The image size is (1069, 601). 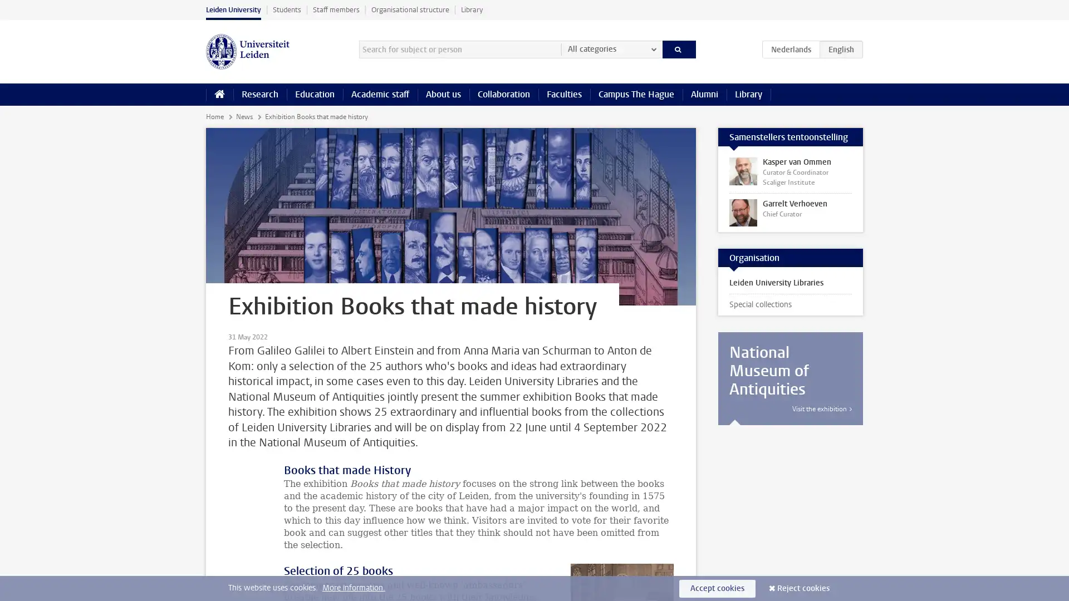 I want to click on Search, so click(x=678, y=48).